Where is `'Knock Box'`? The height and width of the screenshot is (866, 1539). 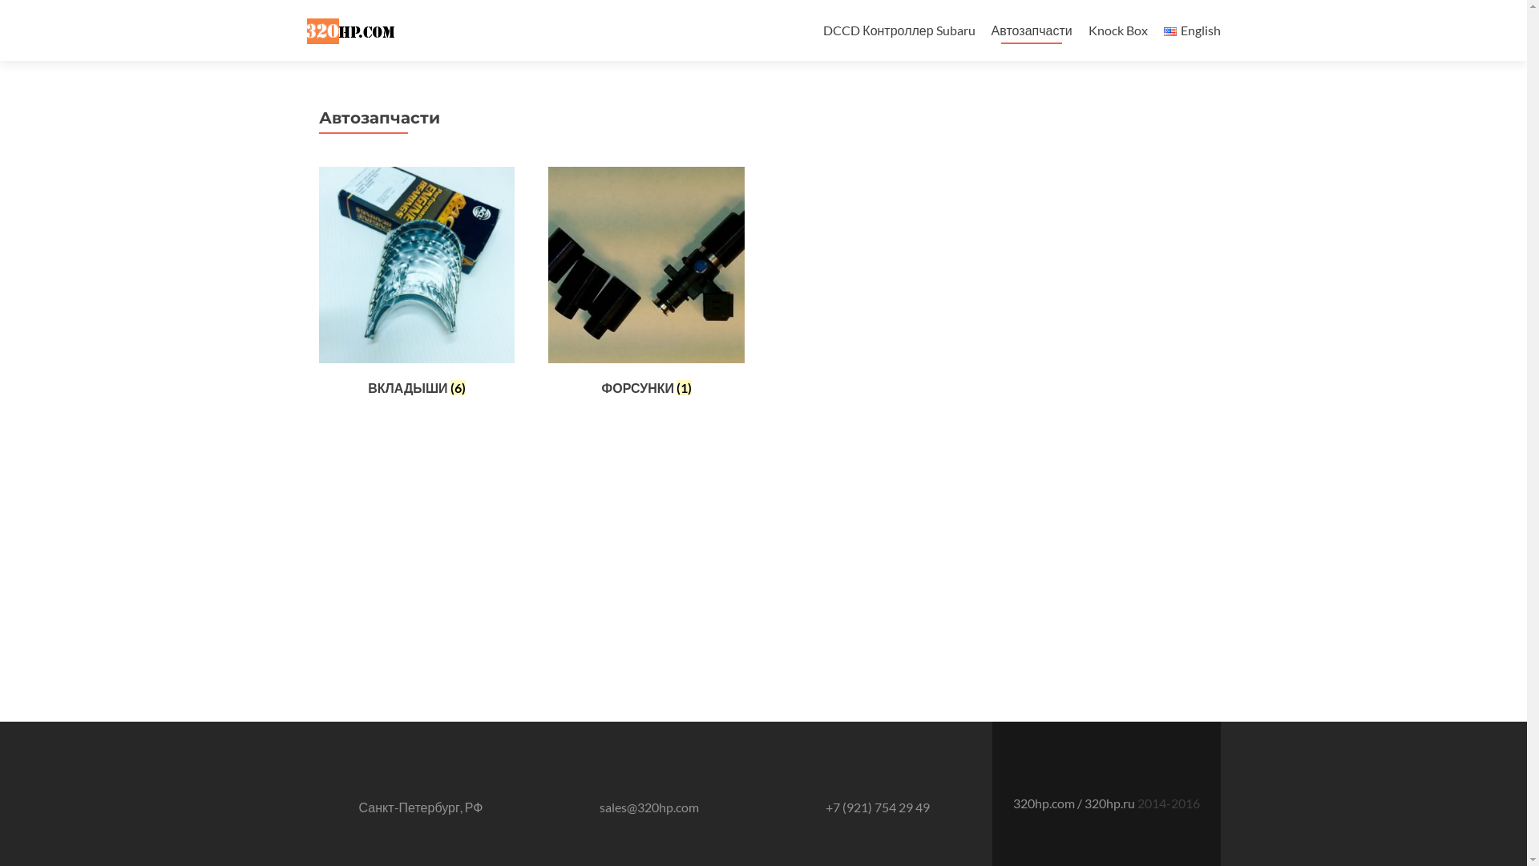 'Knock Box' is located at coordinates (1117, 30).